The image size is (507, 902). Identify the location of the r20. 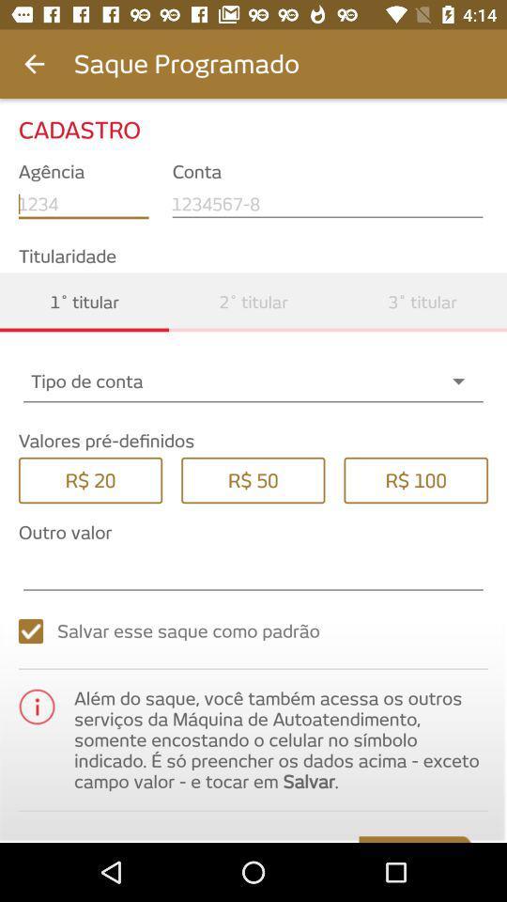
(89, 479).